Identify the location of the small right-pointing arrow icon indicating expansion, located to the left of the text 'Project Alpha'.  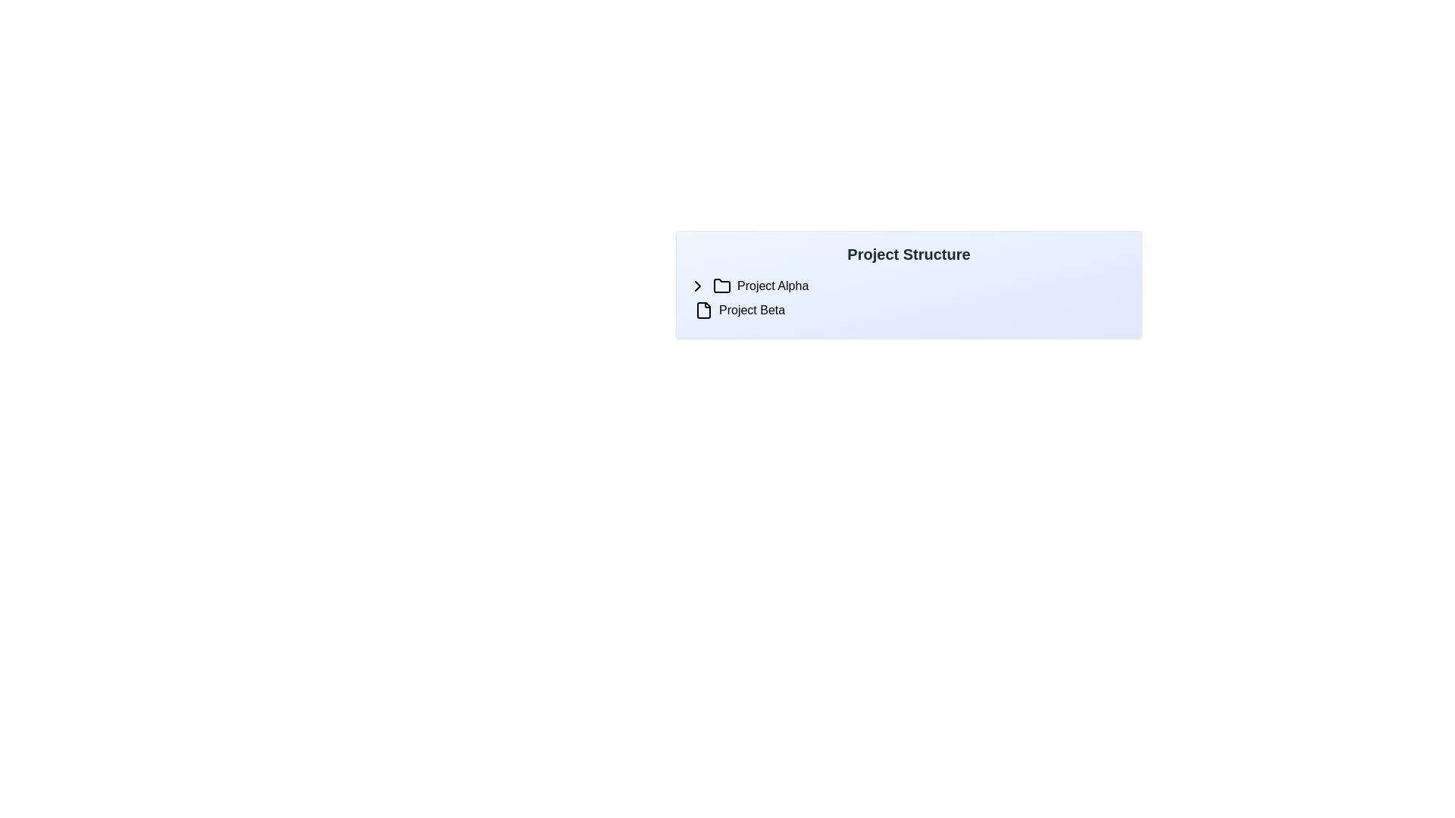
(697, 286).